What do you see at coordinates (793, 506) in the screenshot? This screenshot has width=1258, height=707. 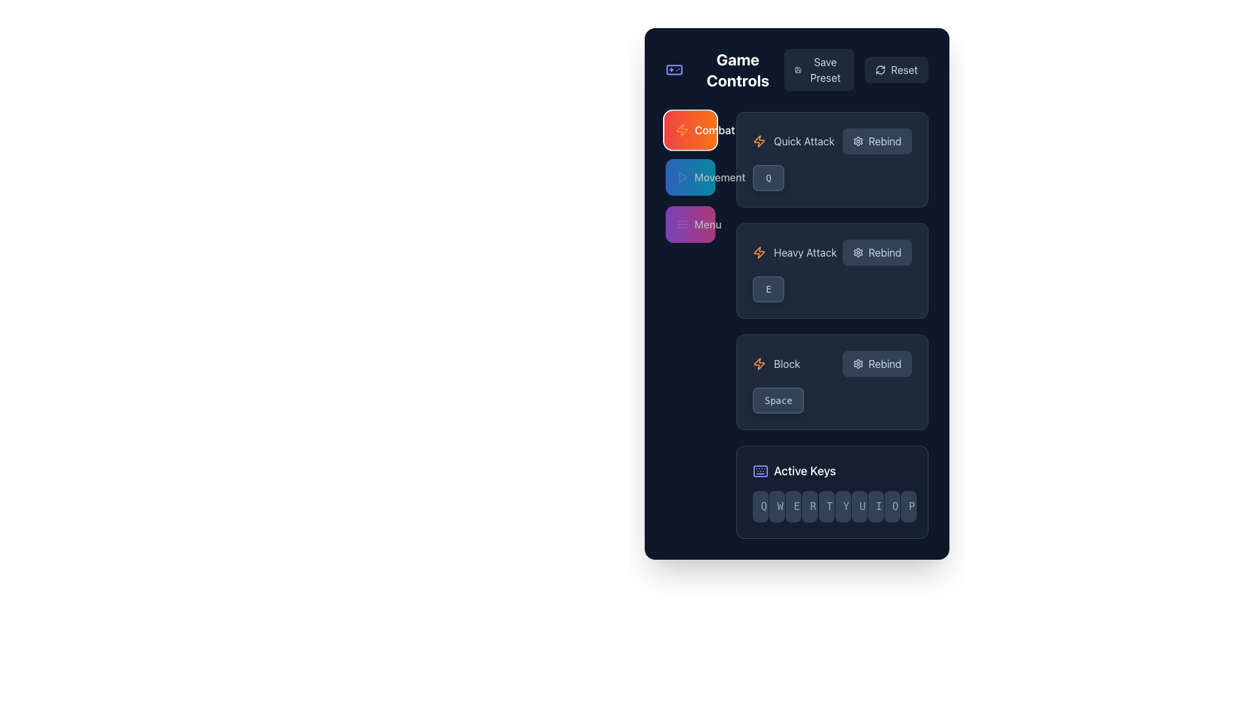 I see `the third button in a row of ten, which has a dark slate background and displays the letter 'E' in light slate text` at bounding box center [793, 506].